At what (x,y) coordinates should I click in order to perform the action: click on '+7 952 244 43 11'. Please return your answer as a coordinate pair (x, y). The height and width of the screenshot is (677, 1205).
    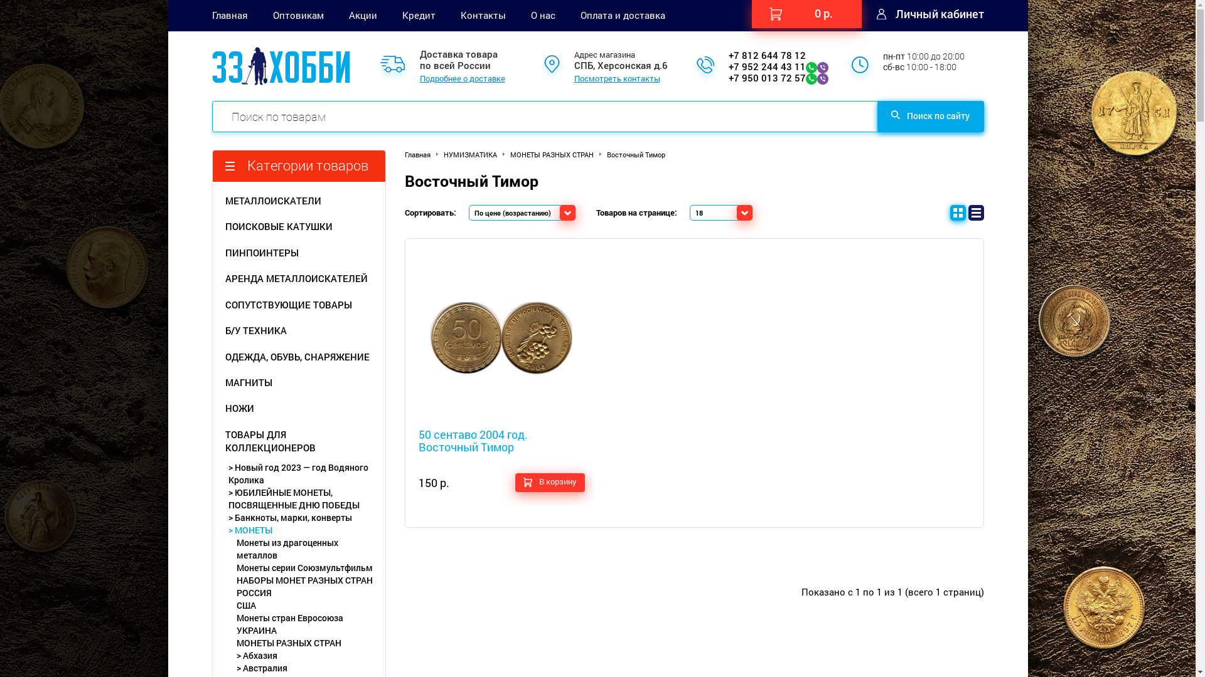
    Looking at the image, I should click on (728, 65).